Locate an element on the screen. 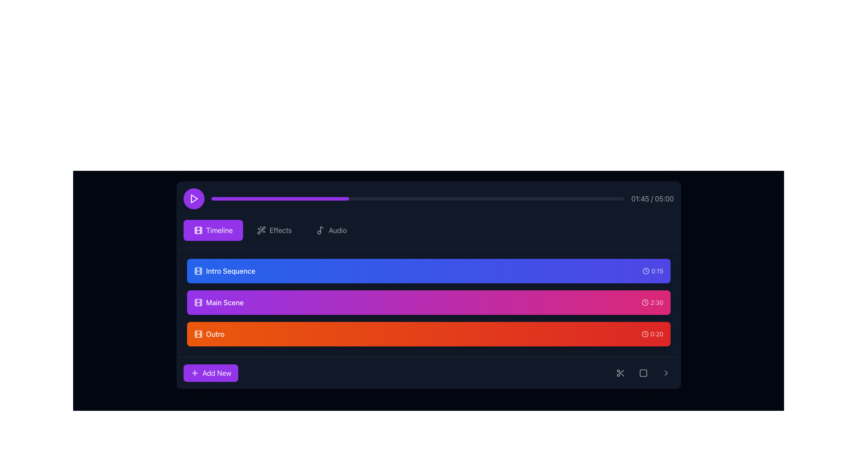 Image resolution: width=841 pixels, height=473 pixels. the 'play' icon located in the top-left corner of the panel to enable keyboard navigation is located at coordinates (194, 199).